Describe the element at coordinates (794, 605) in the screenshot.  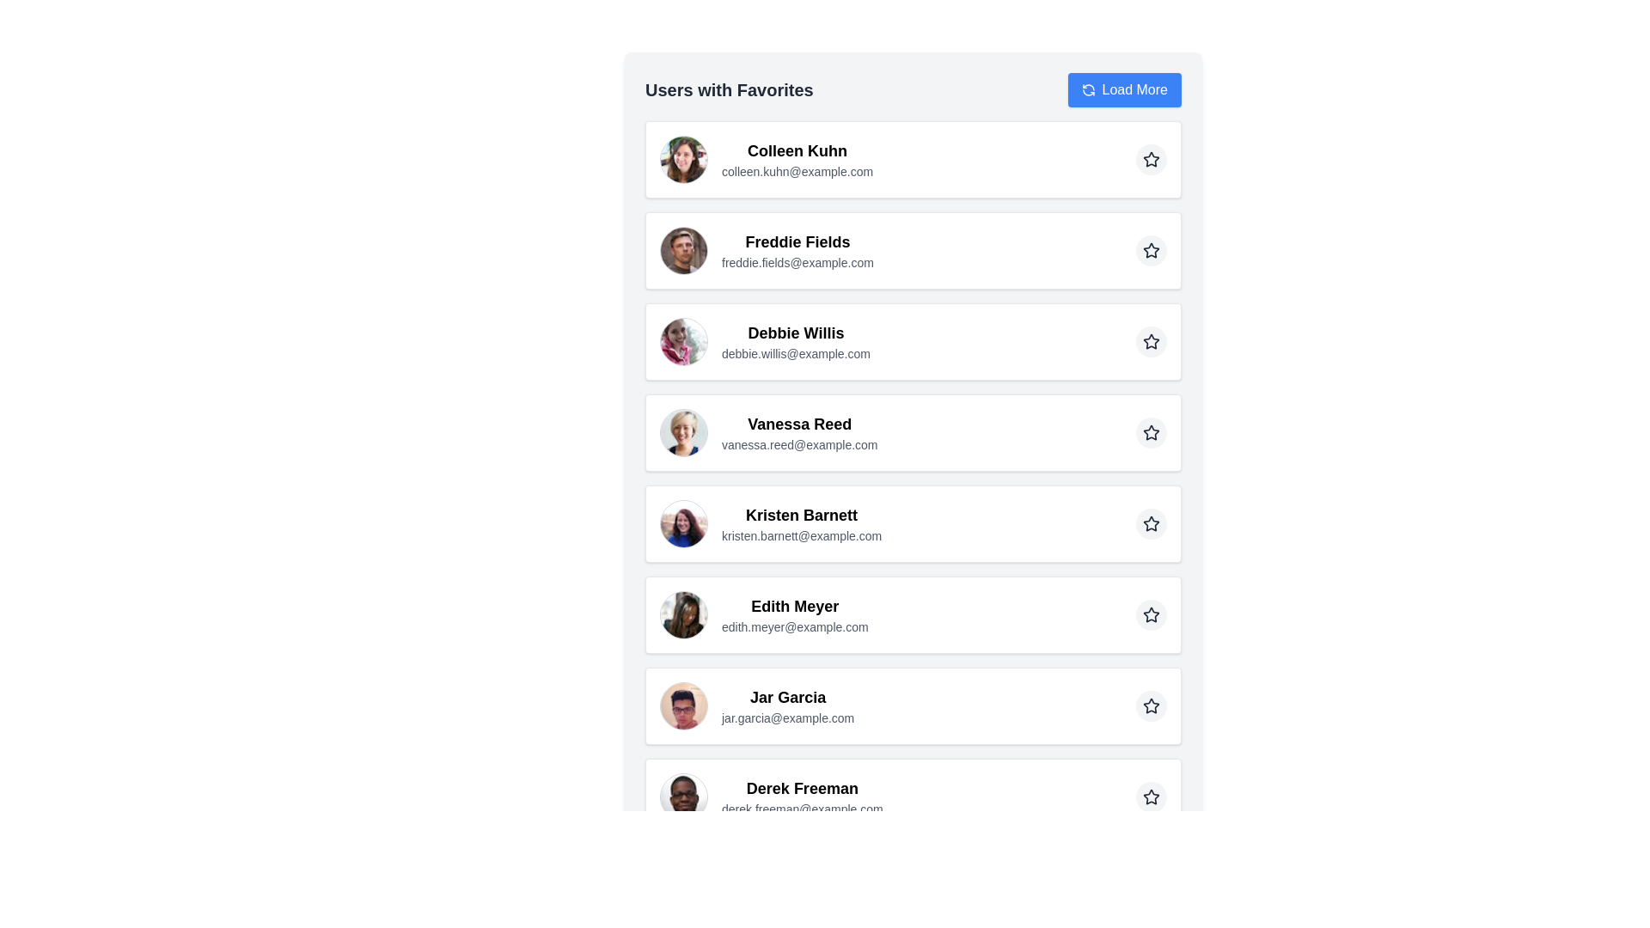
I see `the user name text label that is positioned between the profiles of 'Kristen Barnett' and 'Jar Garcia' in the user profile list` at that location.